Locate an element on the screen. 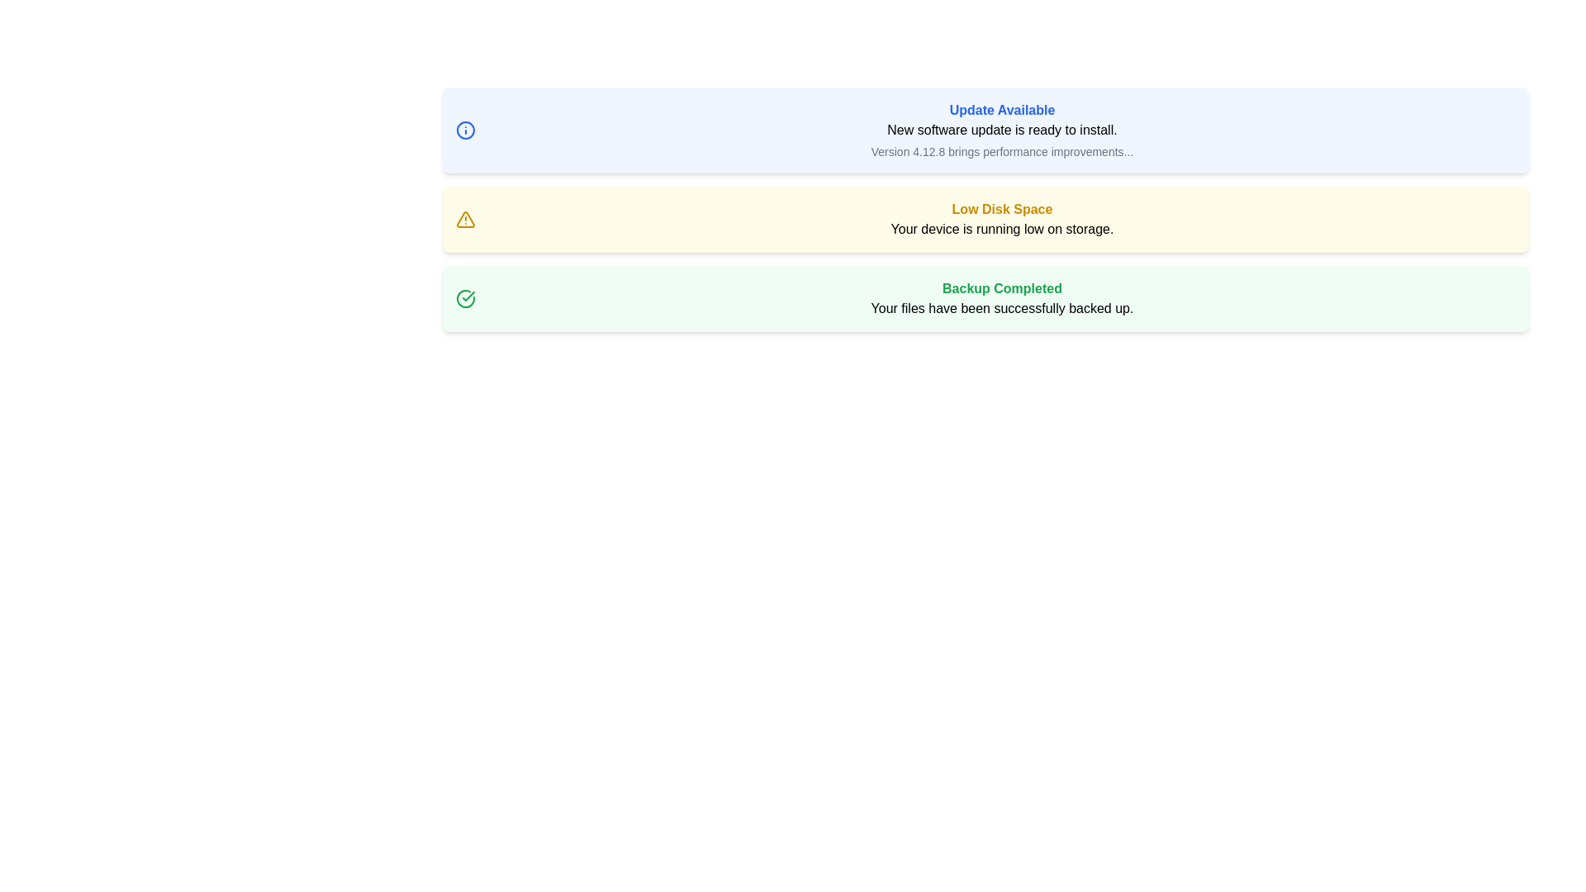 Image resolution: width=1586 pixels, height=892 pixels. the static text element stating 'Your device is running low on storage.' which is located below the text 'Low Disk Space' within a yellow-highlighted box is located at coordinates (1001, 229).